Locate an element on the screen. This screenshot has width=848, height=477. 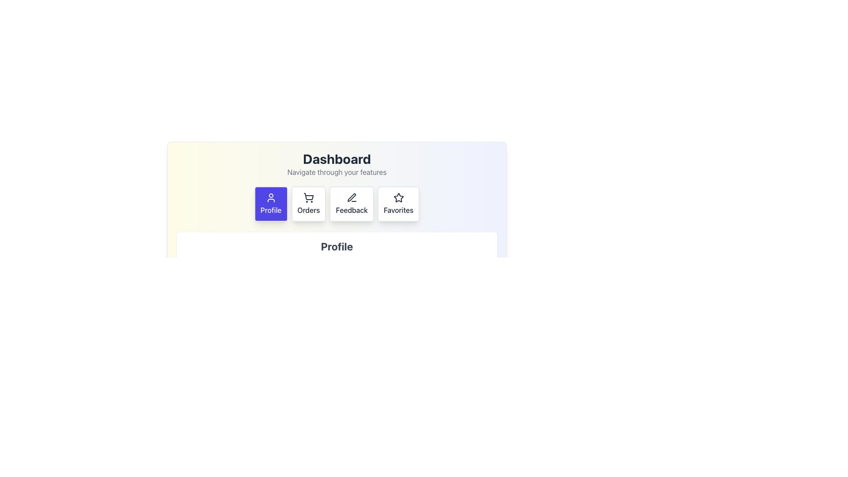
the hollow, black shopping cart icon, which is the central part of the shopping cart icon and the second button in the row of icons labeled with 'Orders' is located at coordinates (309, 196).